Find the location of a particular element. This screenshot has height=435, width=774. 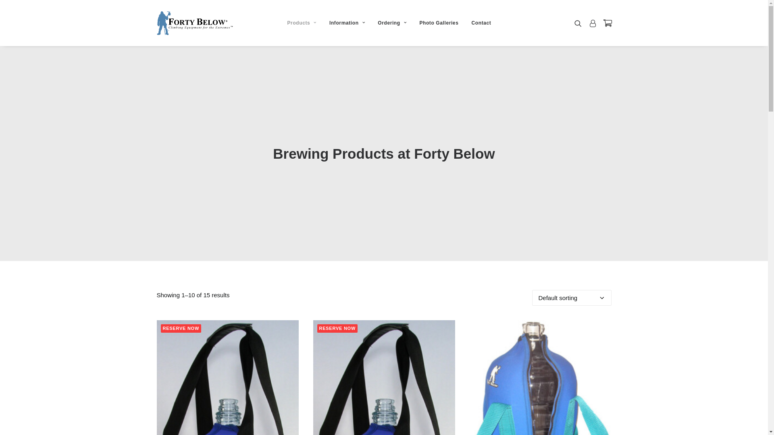

'cart' is located at coordinates (600, 23).